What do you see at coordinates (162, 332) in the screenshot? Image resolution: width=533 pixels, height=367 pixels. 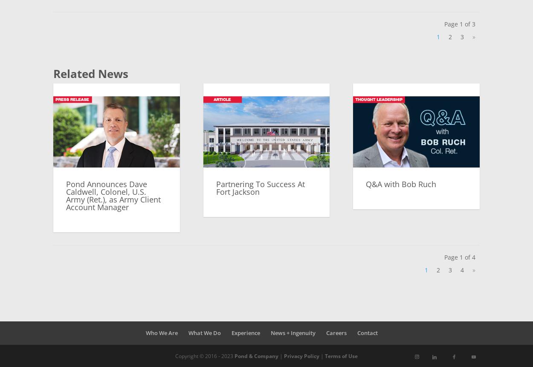 I see `'Who We Are'` at bounding box center [162, 332].